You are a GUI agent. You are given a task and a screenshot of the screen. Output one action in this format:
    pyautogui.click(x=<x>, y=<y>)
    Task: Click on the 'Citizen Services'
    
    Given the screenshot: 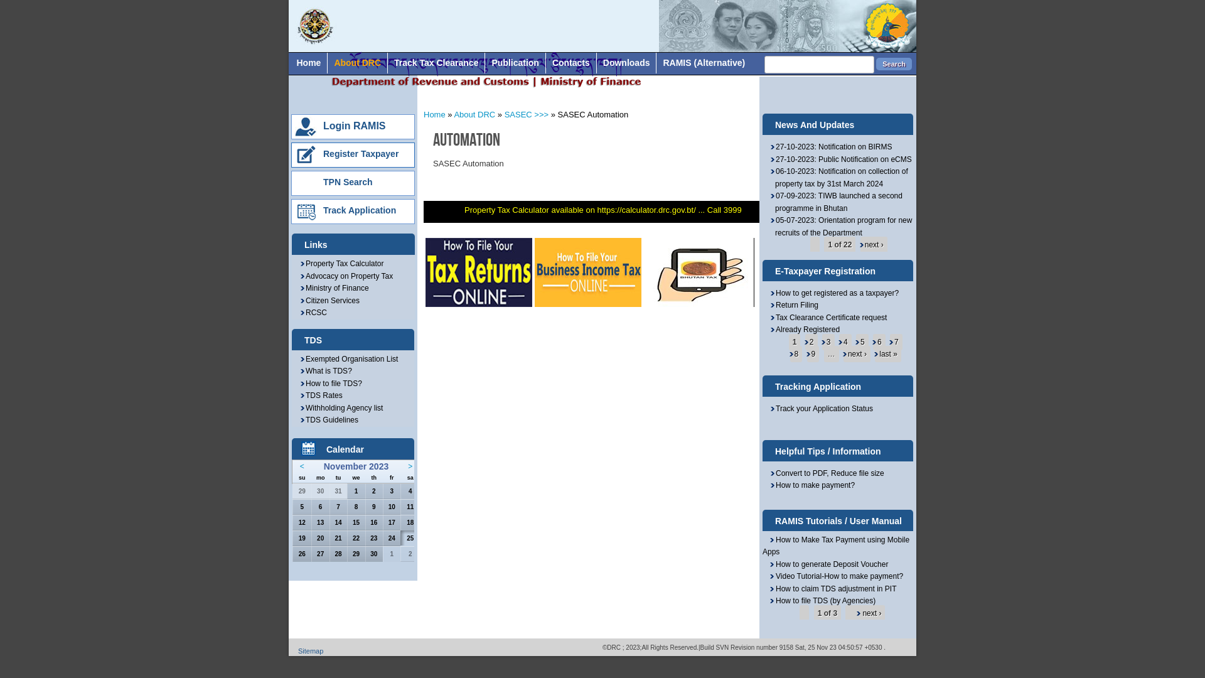 What is the action you would take?
    pyautogui.click(x=329, y=300)
    